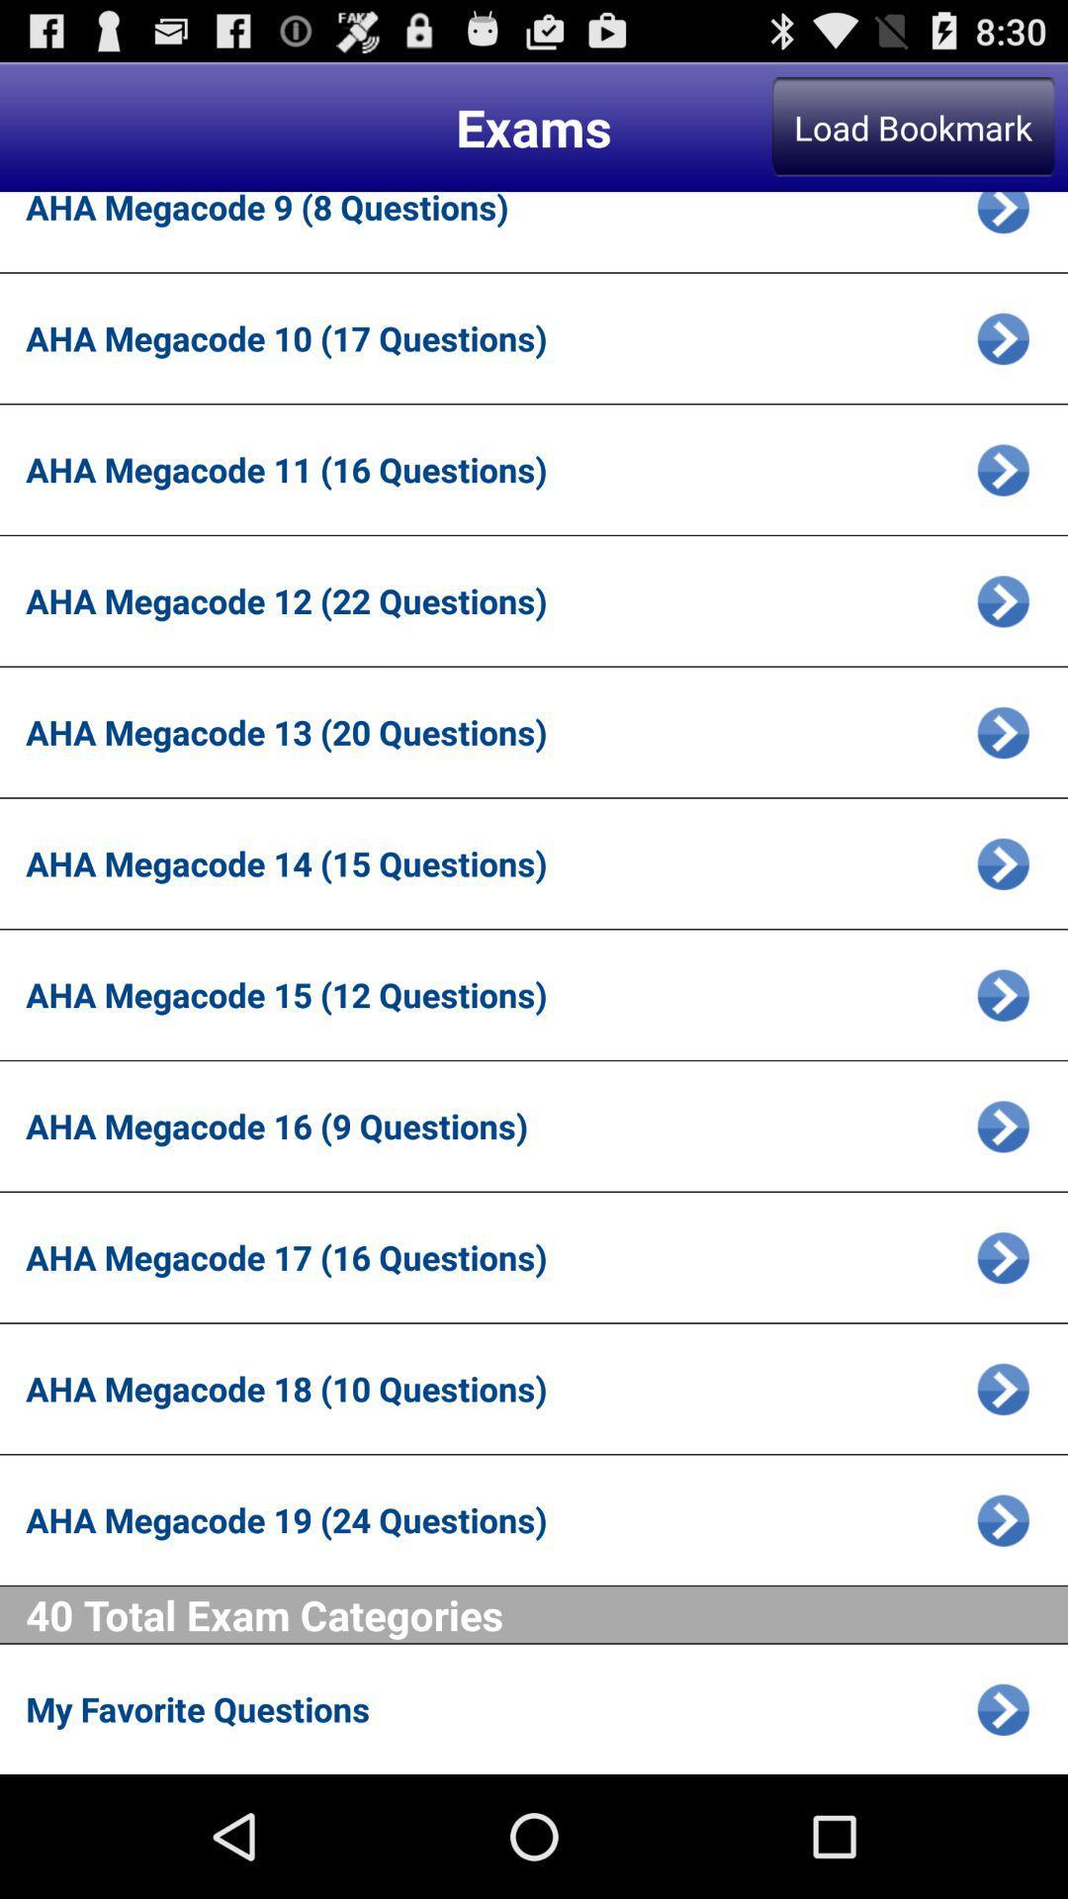 This screenshot has height=1899, width=1068. What do you see at coordinates (1003, 1126) in the screenshot?
I see `button` at bounding box center [1003, 1126].